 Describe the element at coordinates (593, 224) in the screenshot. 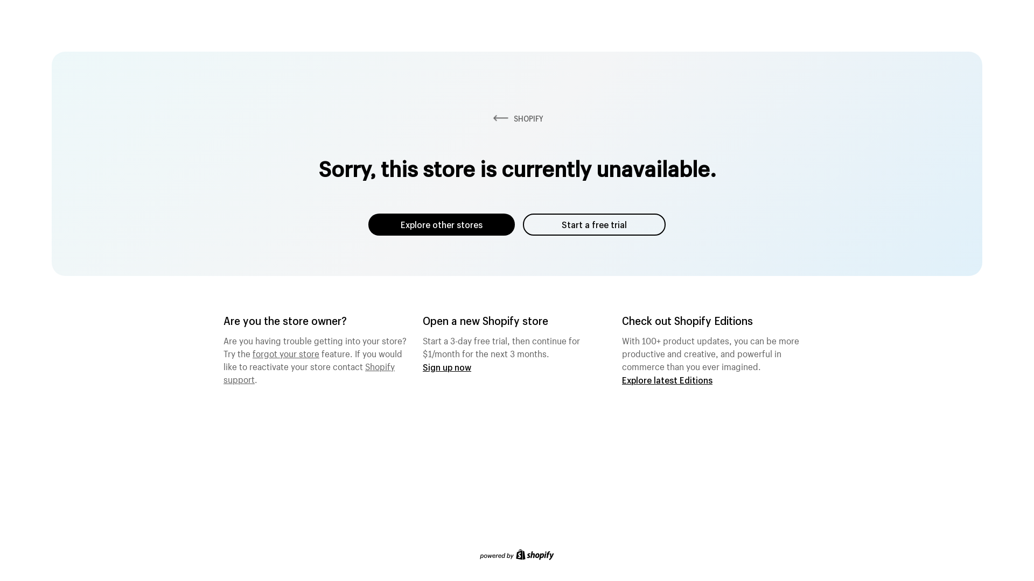

I see `'Start a free trial'` at that location.